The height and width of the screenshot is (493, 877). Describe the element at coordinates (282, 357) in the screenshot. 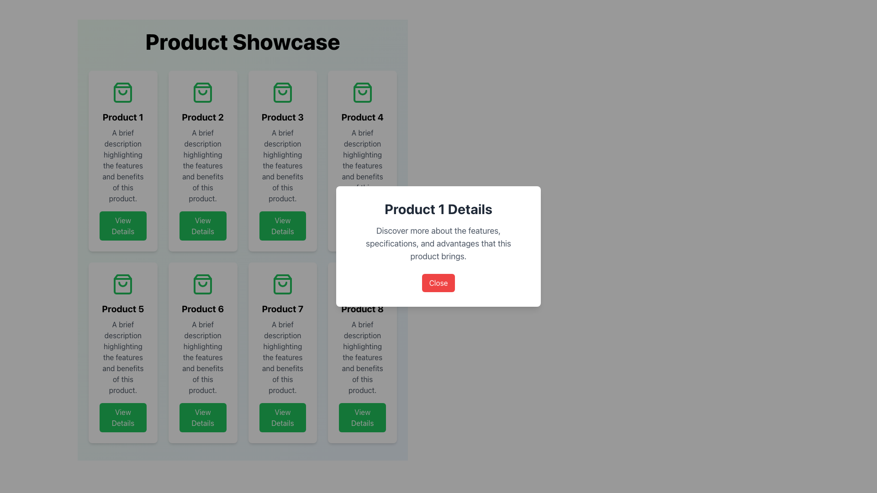

I see `text content element displaying a brief description of the features and benefits of the product, which is positioned under the title 'Product 7' and above the 'View Details' button` at that location.